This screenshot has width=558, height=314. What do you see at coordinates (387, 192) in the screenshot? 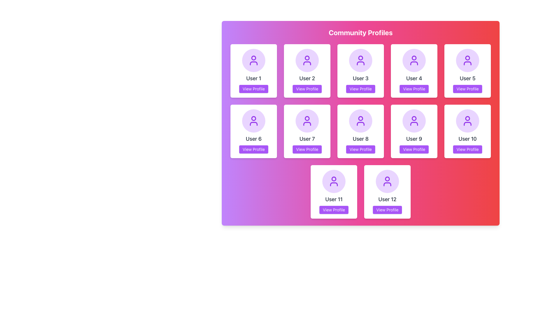
I see `the user profile display card located at the bottom right corner of the grid to observe visual hover effects` at bounding box center [387, 192].